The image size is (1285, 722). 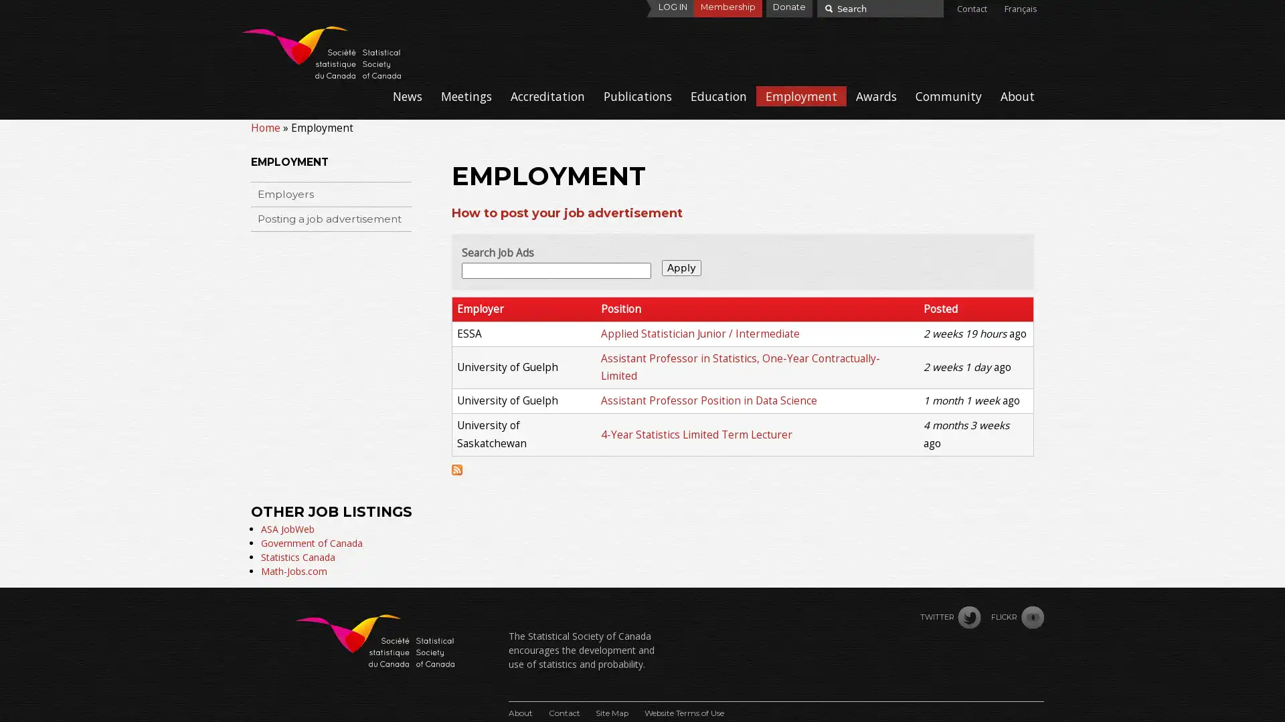 What do you see at coordinates (827, 7) in the screenshot?
I see `Search` at bounding box center [827, 7].